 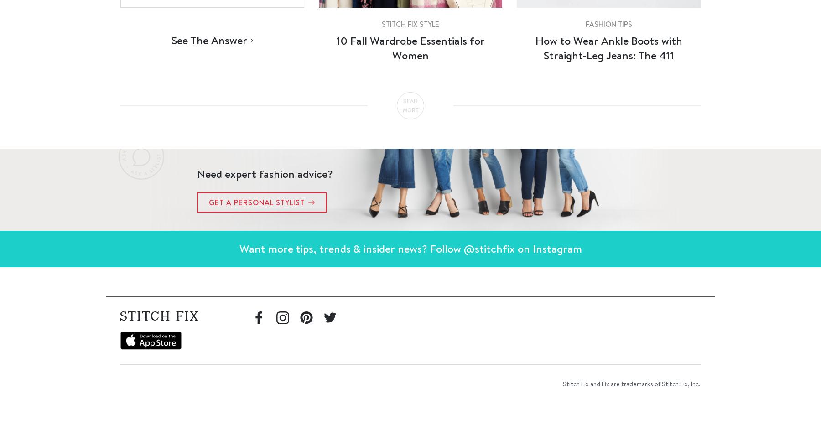 I want to click on 'Fashion Tips', so click(x=608, y=24).